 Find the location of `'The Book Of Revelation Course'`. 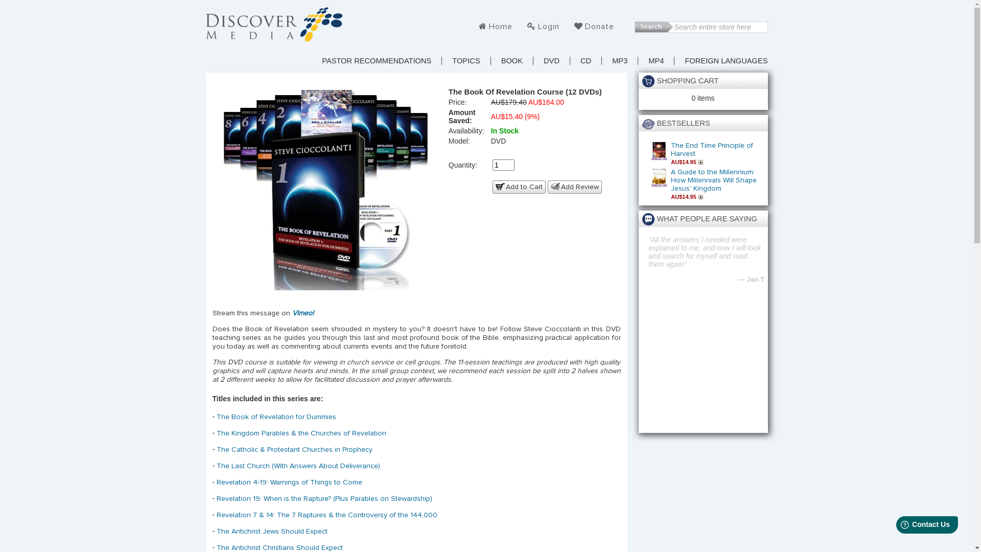

'The Book Of Revelation Course' is located at coordinates (325, 188).